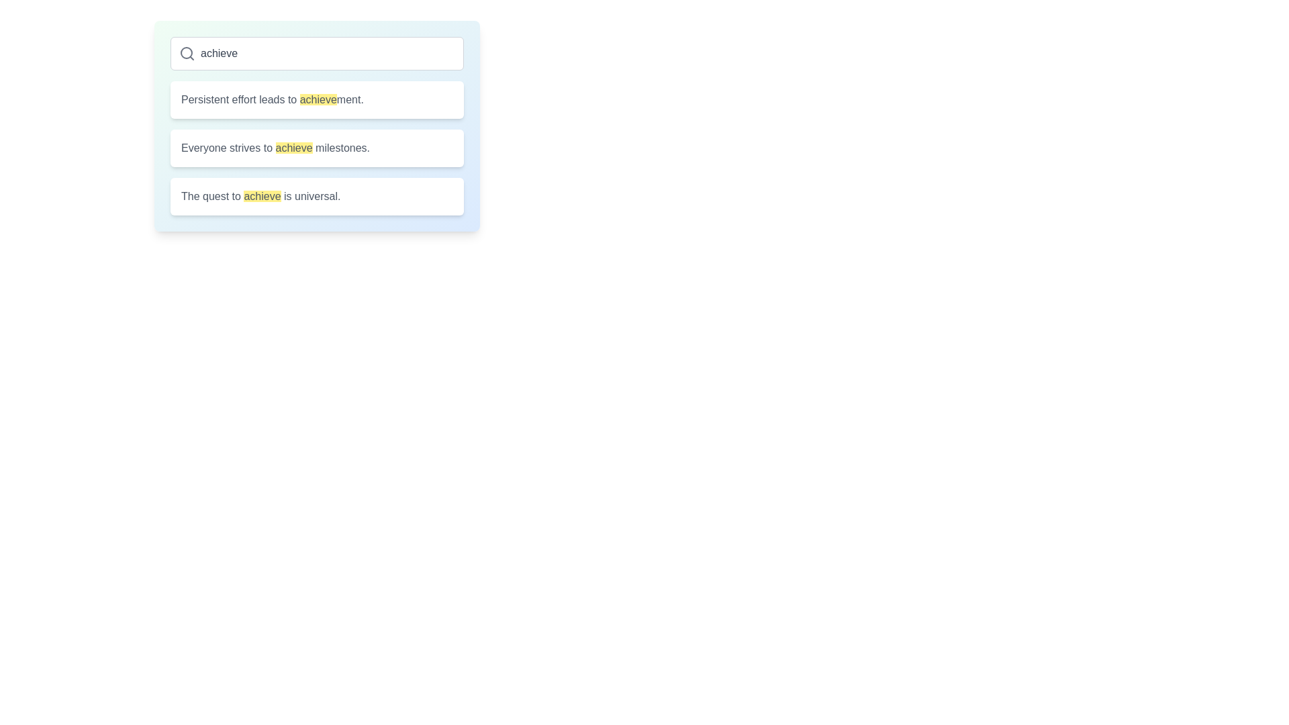 This screenshot has width=1289, height=725. I want to click on the Text Display containing the text 'The quest to achieve is universal.' to observe its hover effects, so click(316, 197).